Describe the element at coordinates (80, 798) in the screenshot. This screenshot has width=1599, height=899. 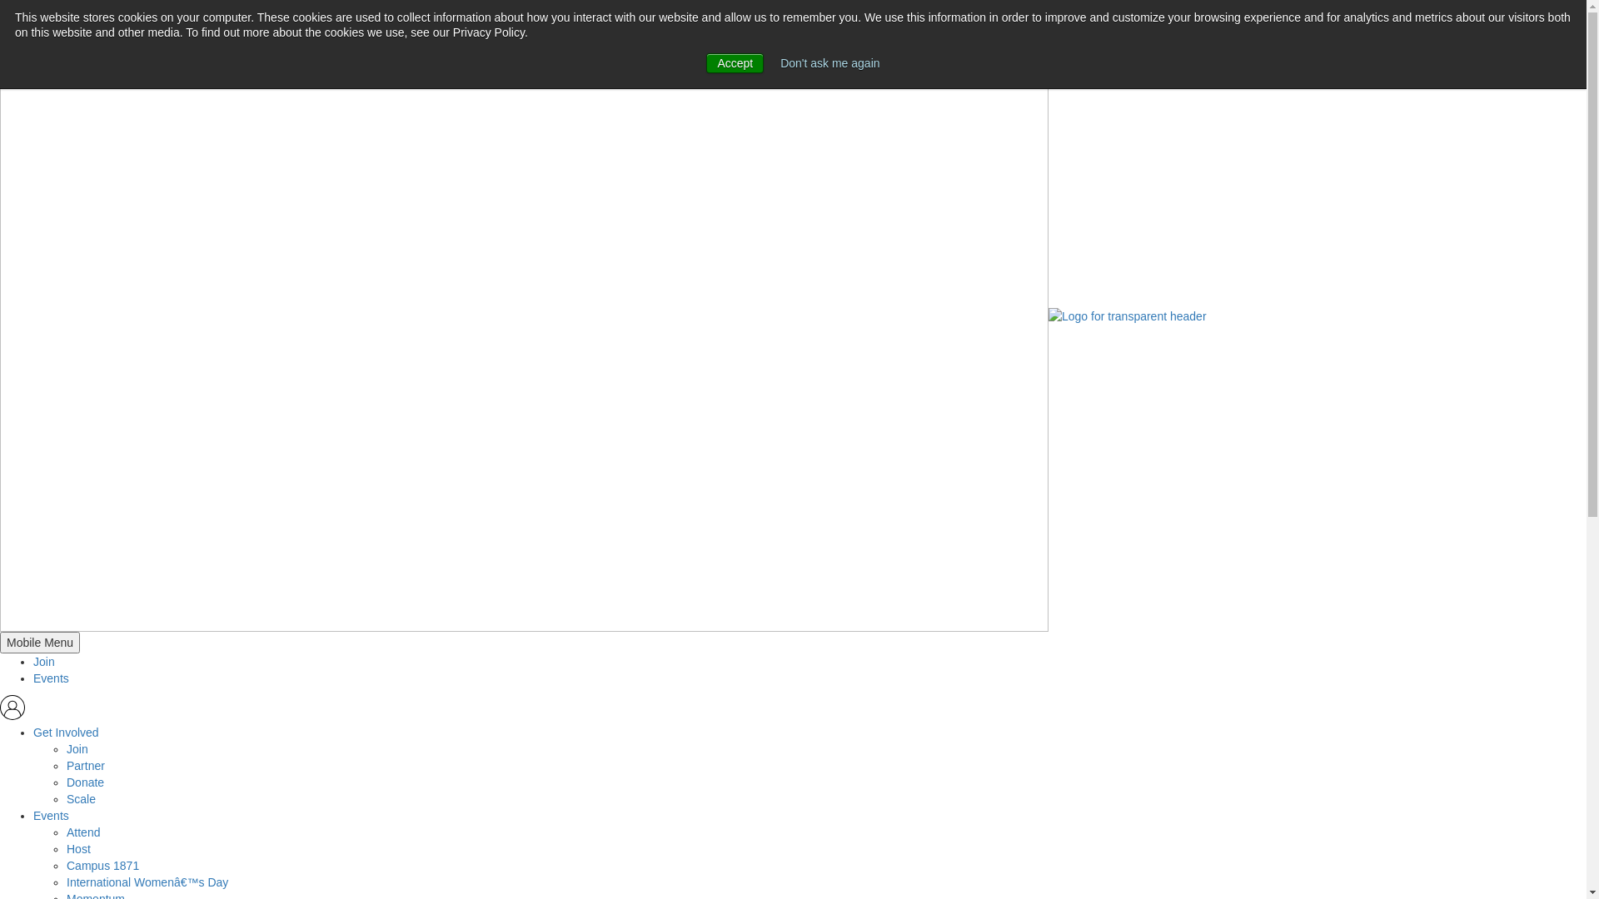
I see `'Scale'` at that location.